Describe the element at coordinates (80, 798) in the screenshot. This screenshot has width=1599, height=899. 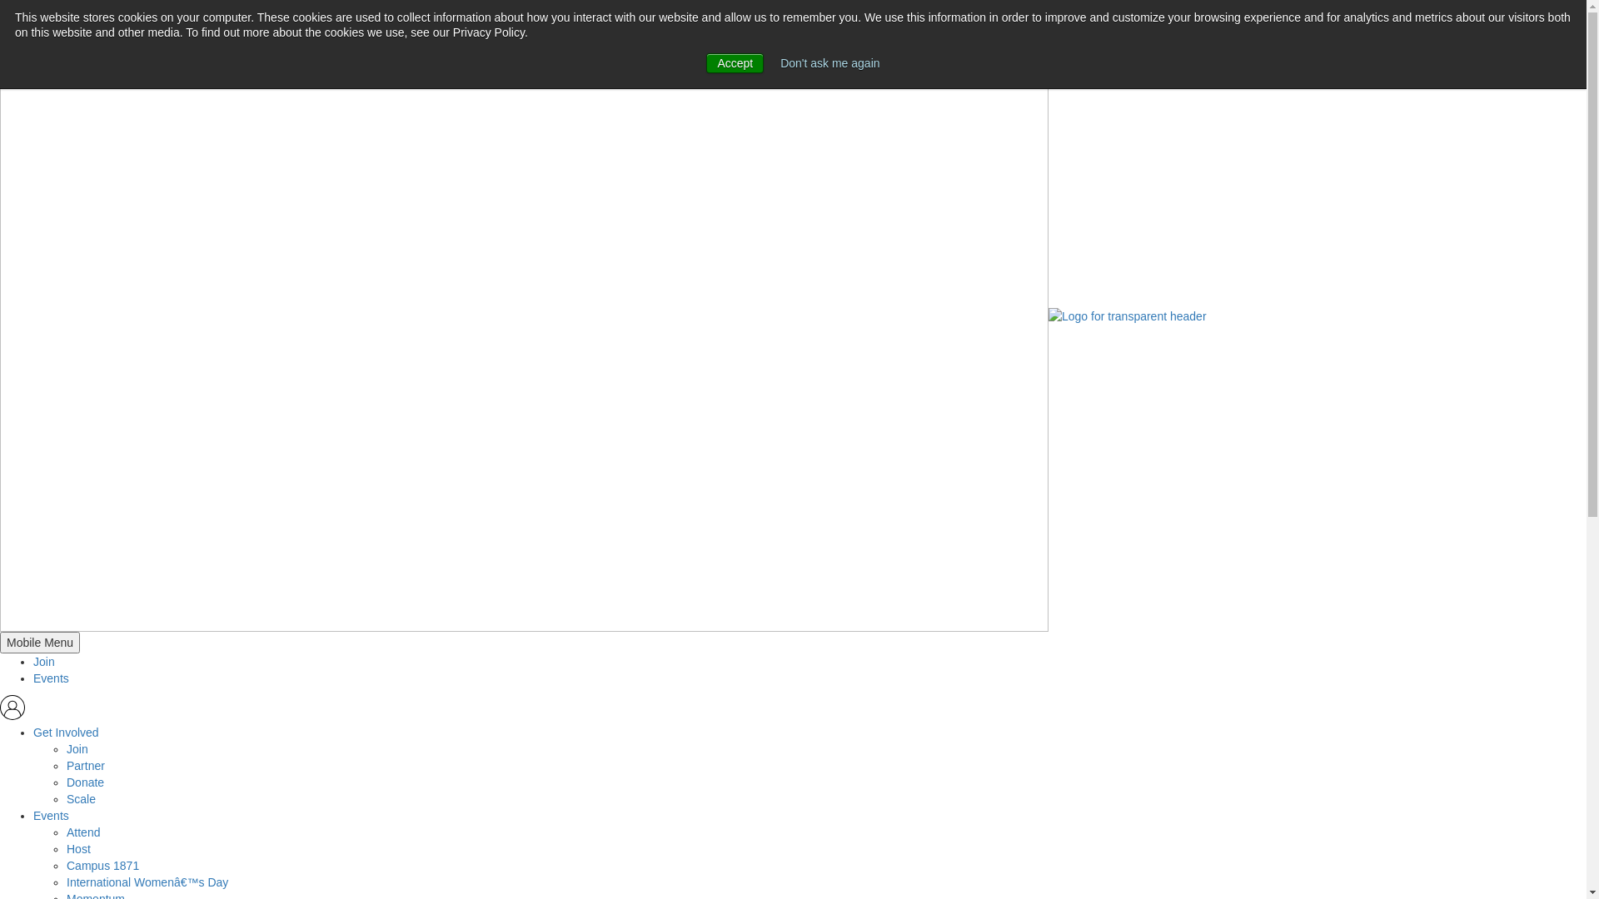
I see `'Scale'` at that location.